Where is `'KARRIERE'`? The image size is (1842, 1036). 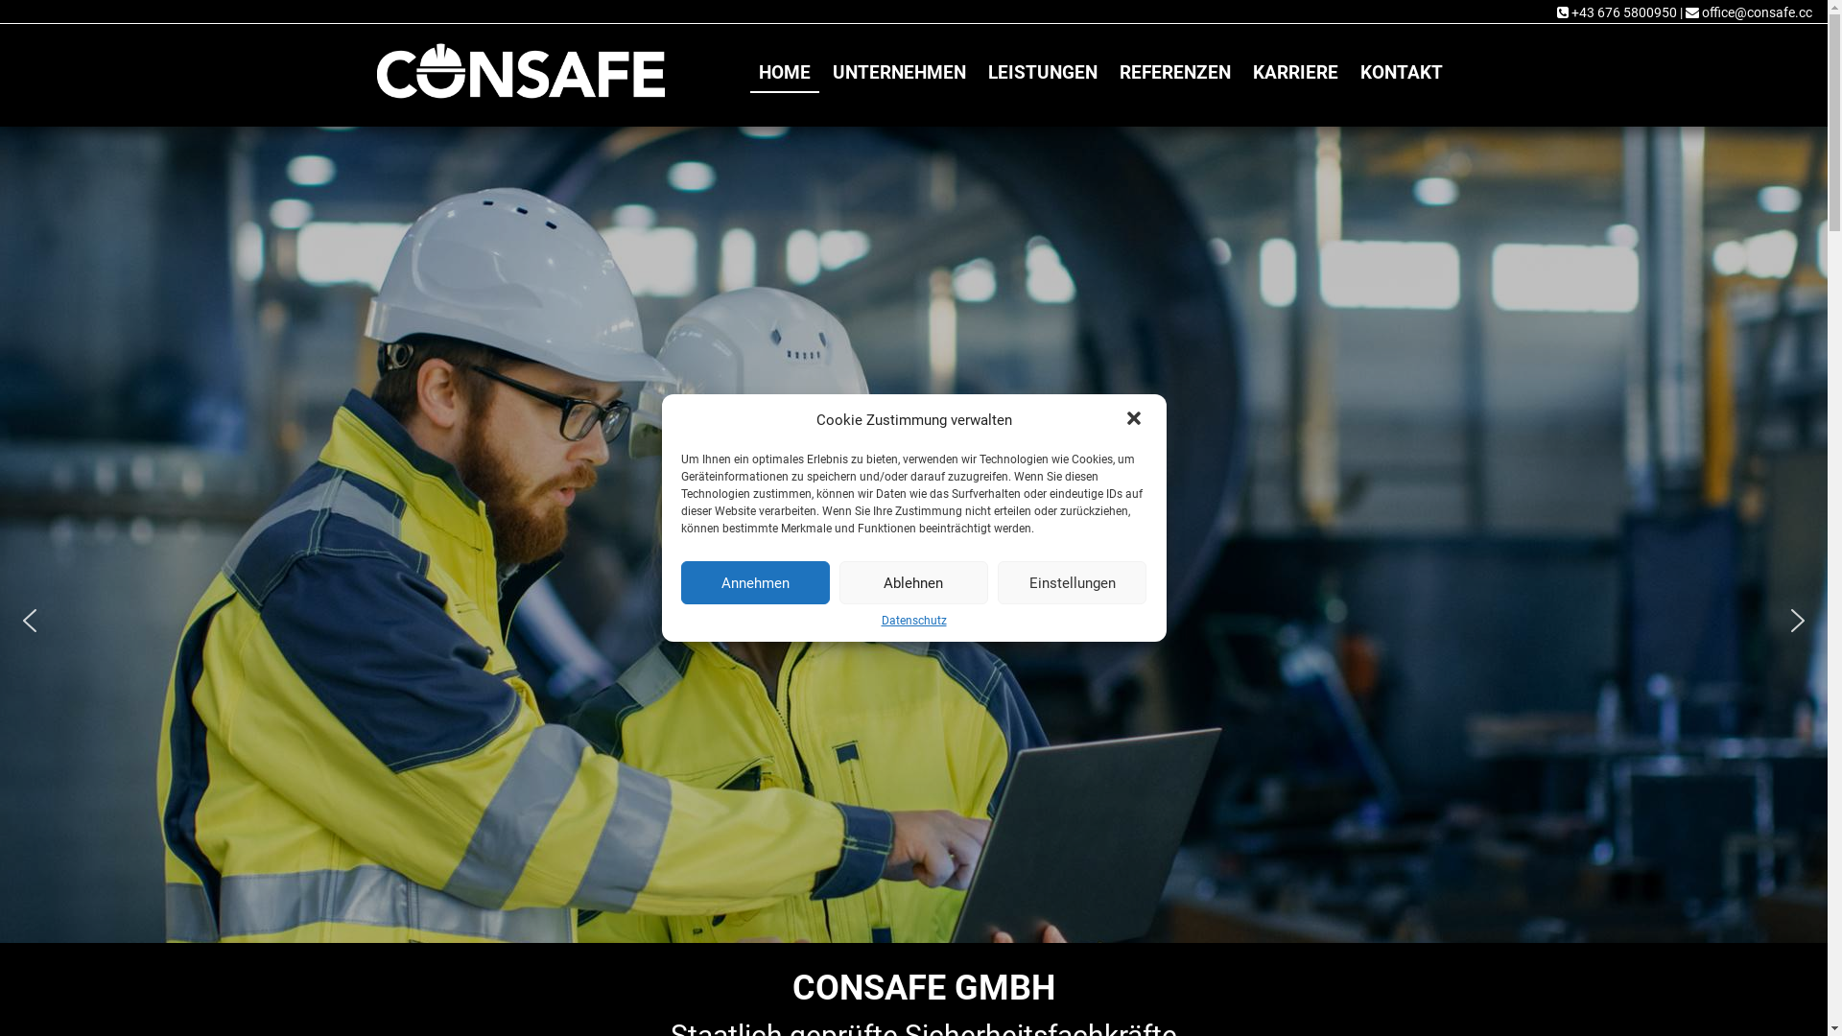 'KARRIERE' is located at coordinates (1294, 71).